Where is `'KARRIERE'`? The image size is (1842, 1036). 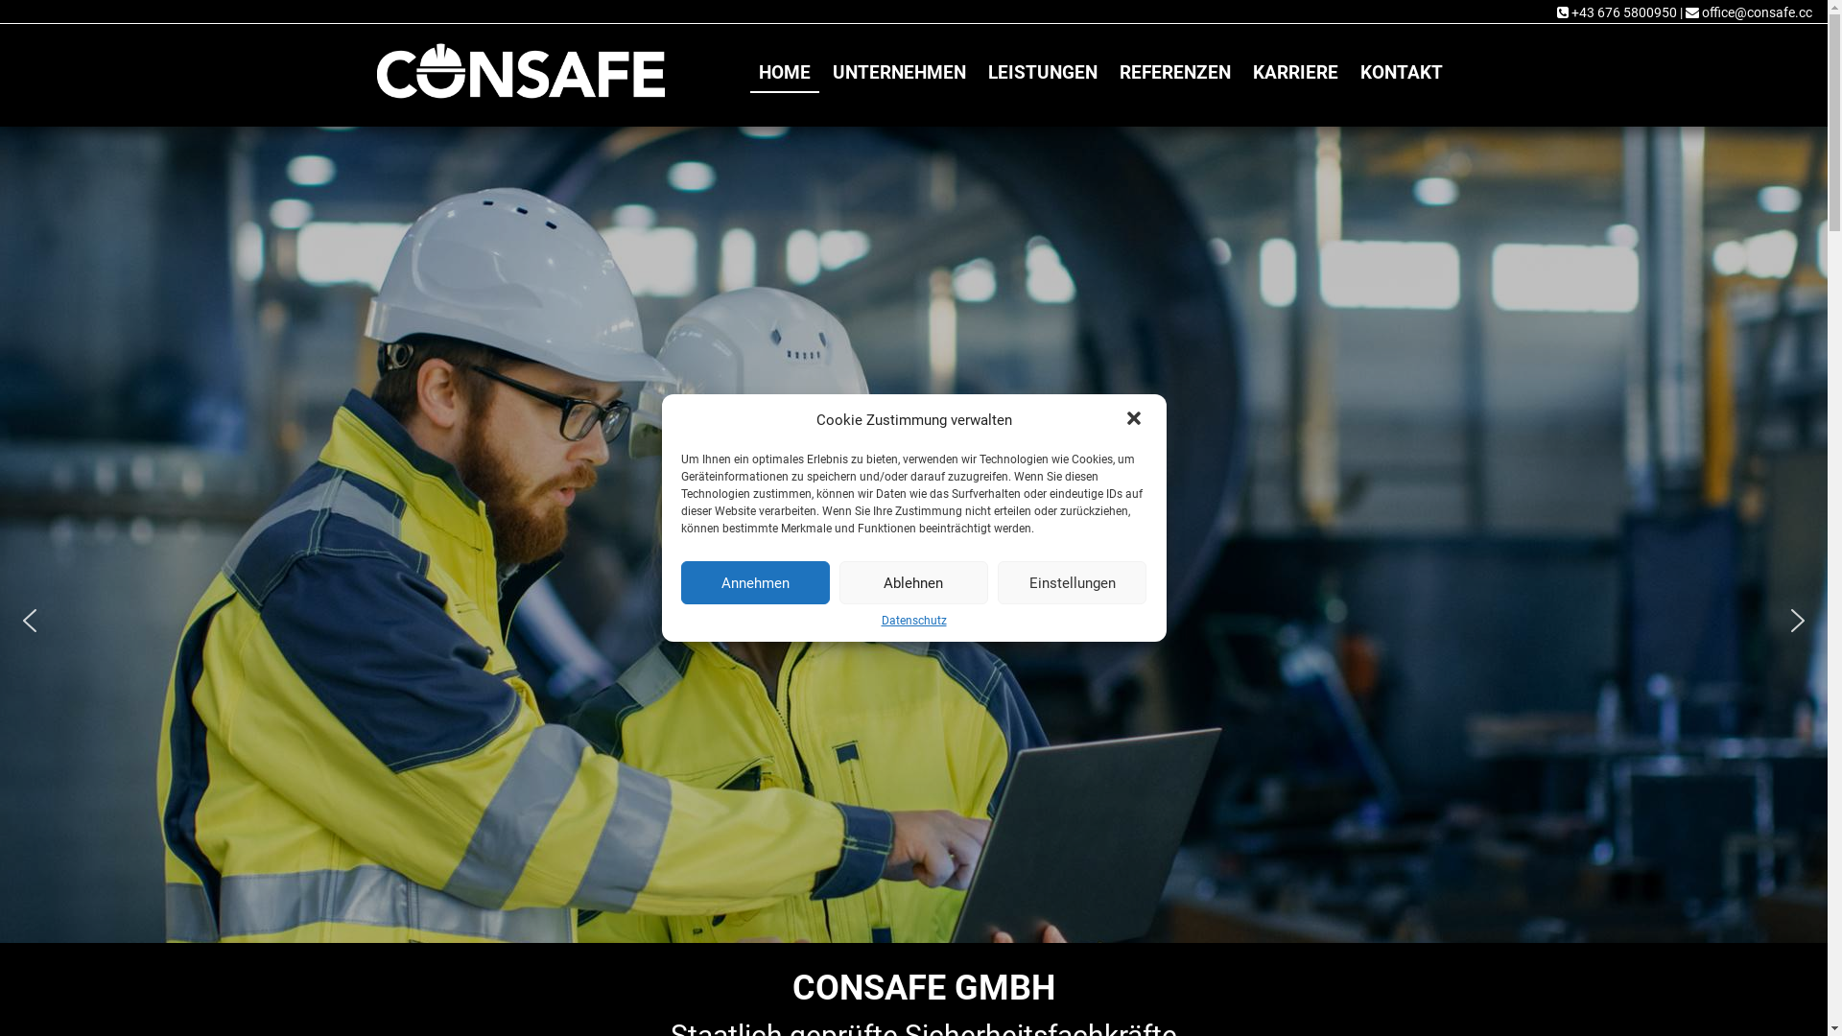 'KARRIERE' is located at coordinates (1294, 71).